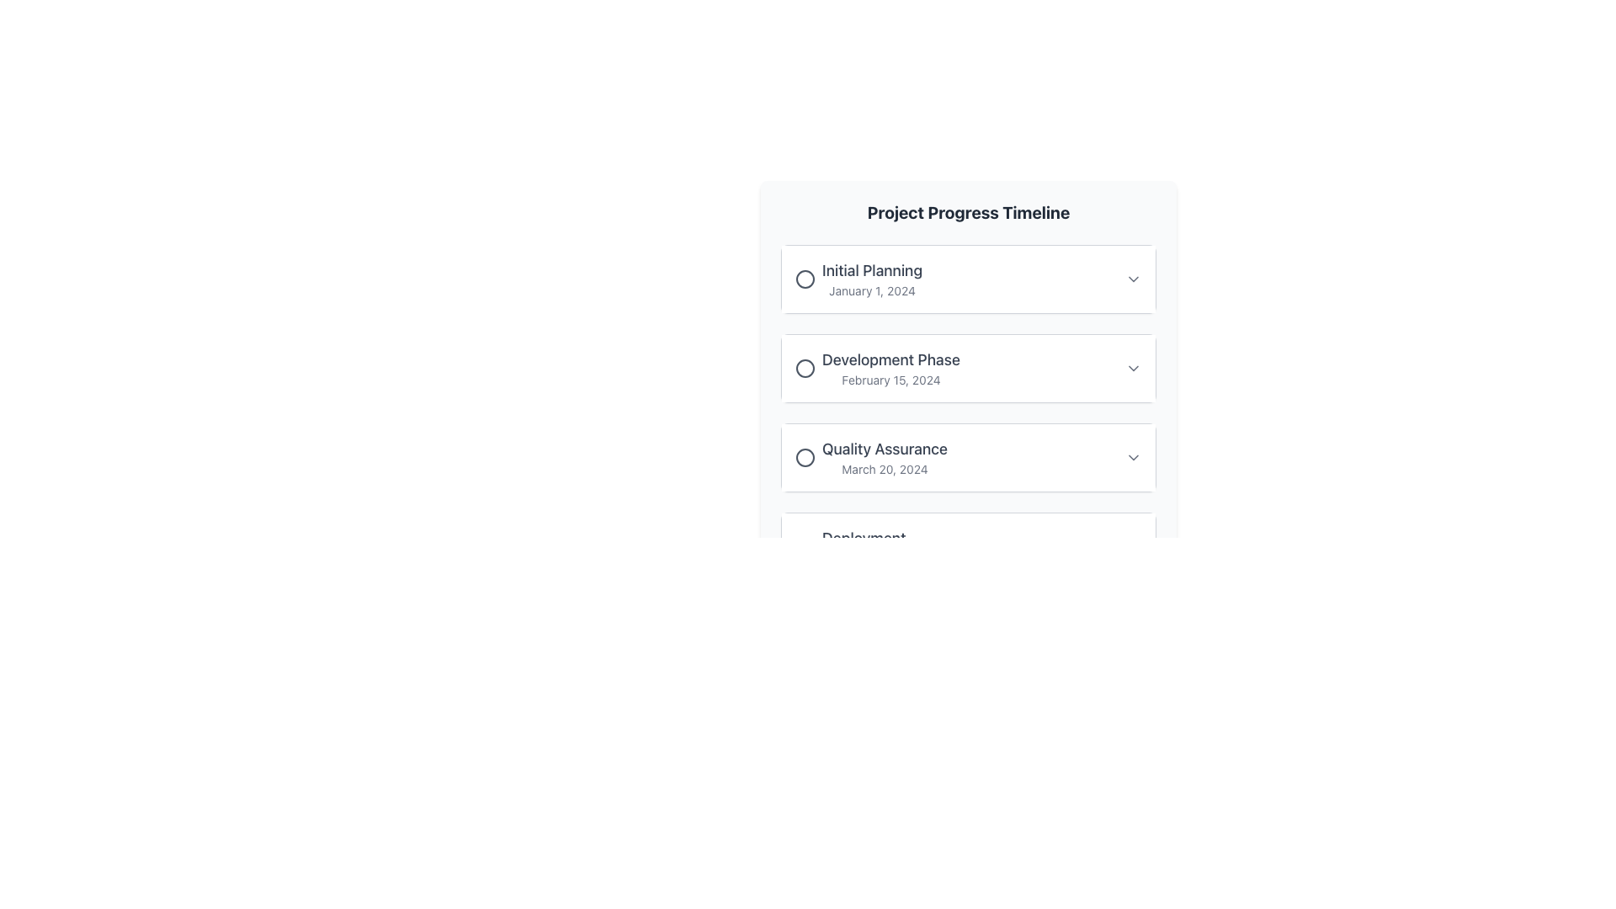 The width and height of the screenshot is (1616, 909). Describe the element at coordinates (969, 457) in the screenshot. I see `the radio button associated with the 'Quality Assurance' phase in the project timeline` at that location.